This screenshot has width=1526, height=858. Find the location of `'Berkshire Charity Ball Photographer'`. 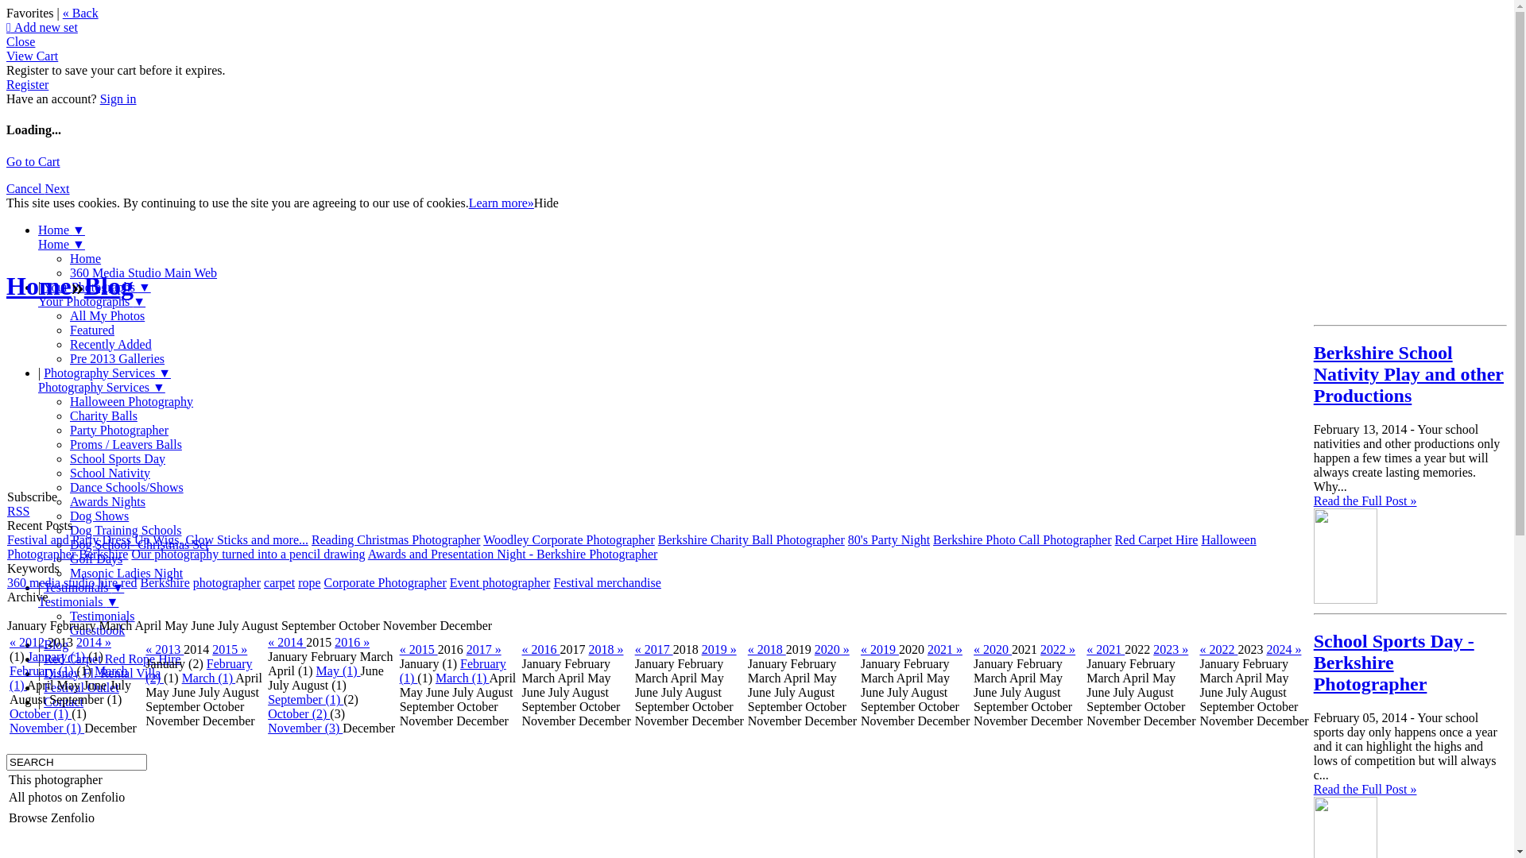

'Berkshire Charity Ball Photographer' is located at coordinates (750, 539).